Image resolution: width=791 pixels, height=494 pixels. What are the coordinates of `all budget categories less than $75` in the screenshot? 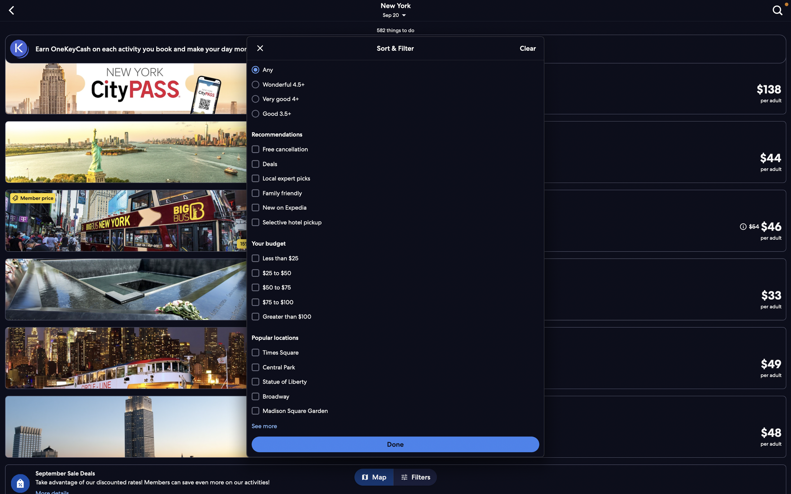 It's located at (395, 257).